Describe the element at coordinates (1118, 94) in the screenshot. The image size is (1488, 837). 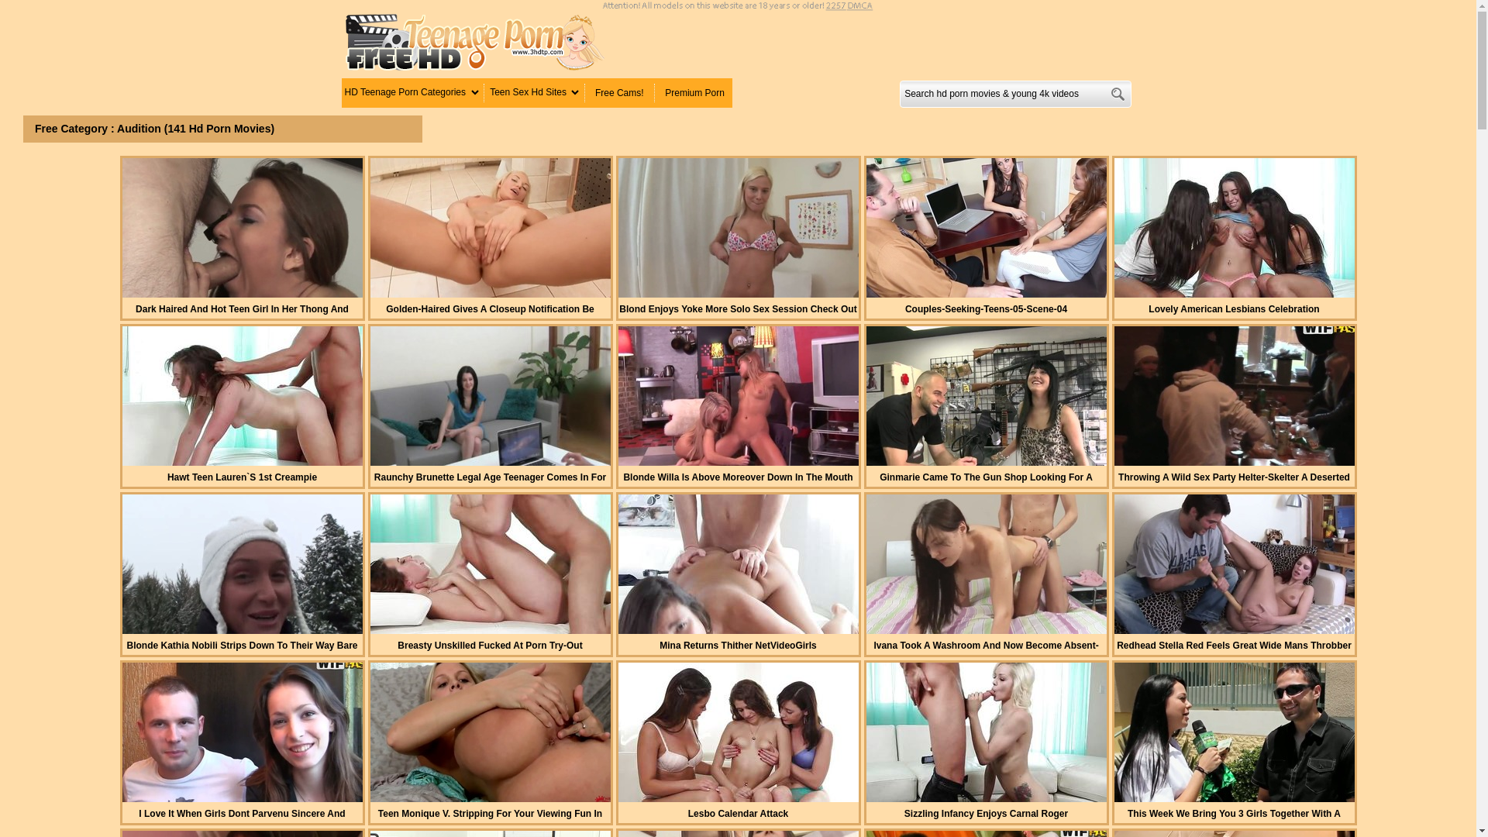
I see `'search'` at that location.